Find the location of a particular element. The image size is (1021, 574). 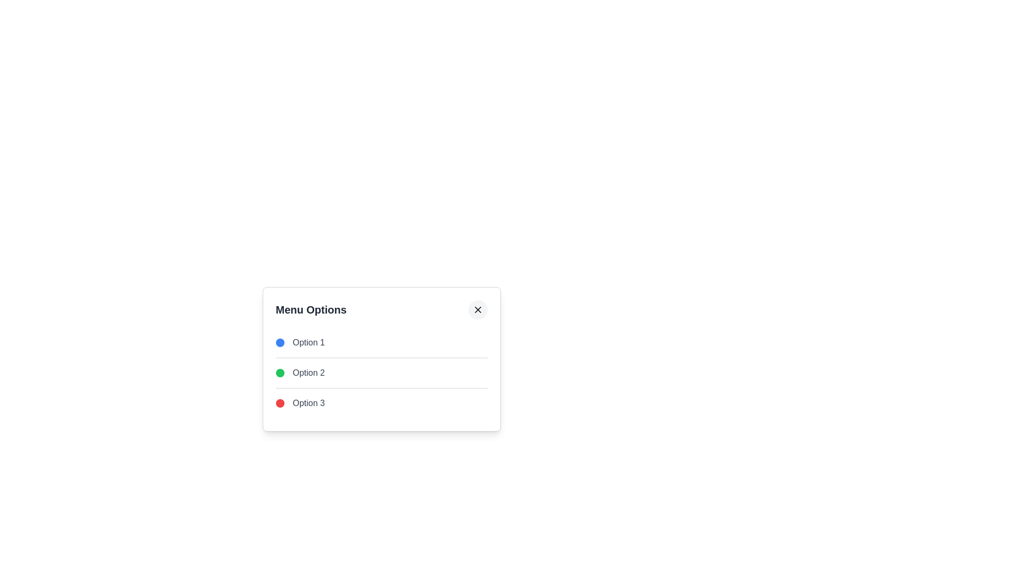

the list item labeled 'Option 3' is located at coordinates (381, 403).